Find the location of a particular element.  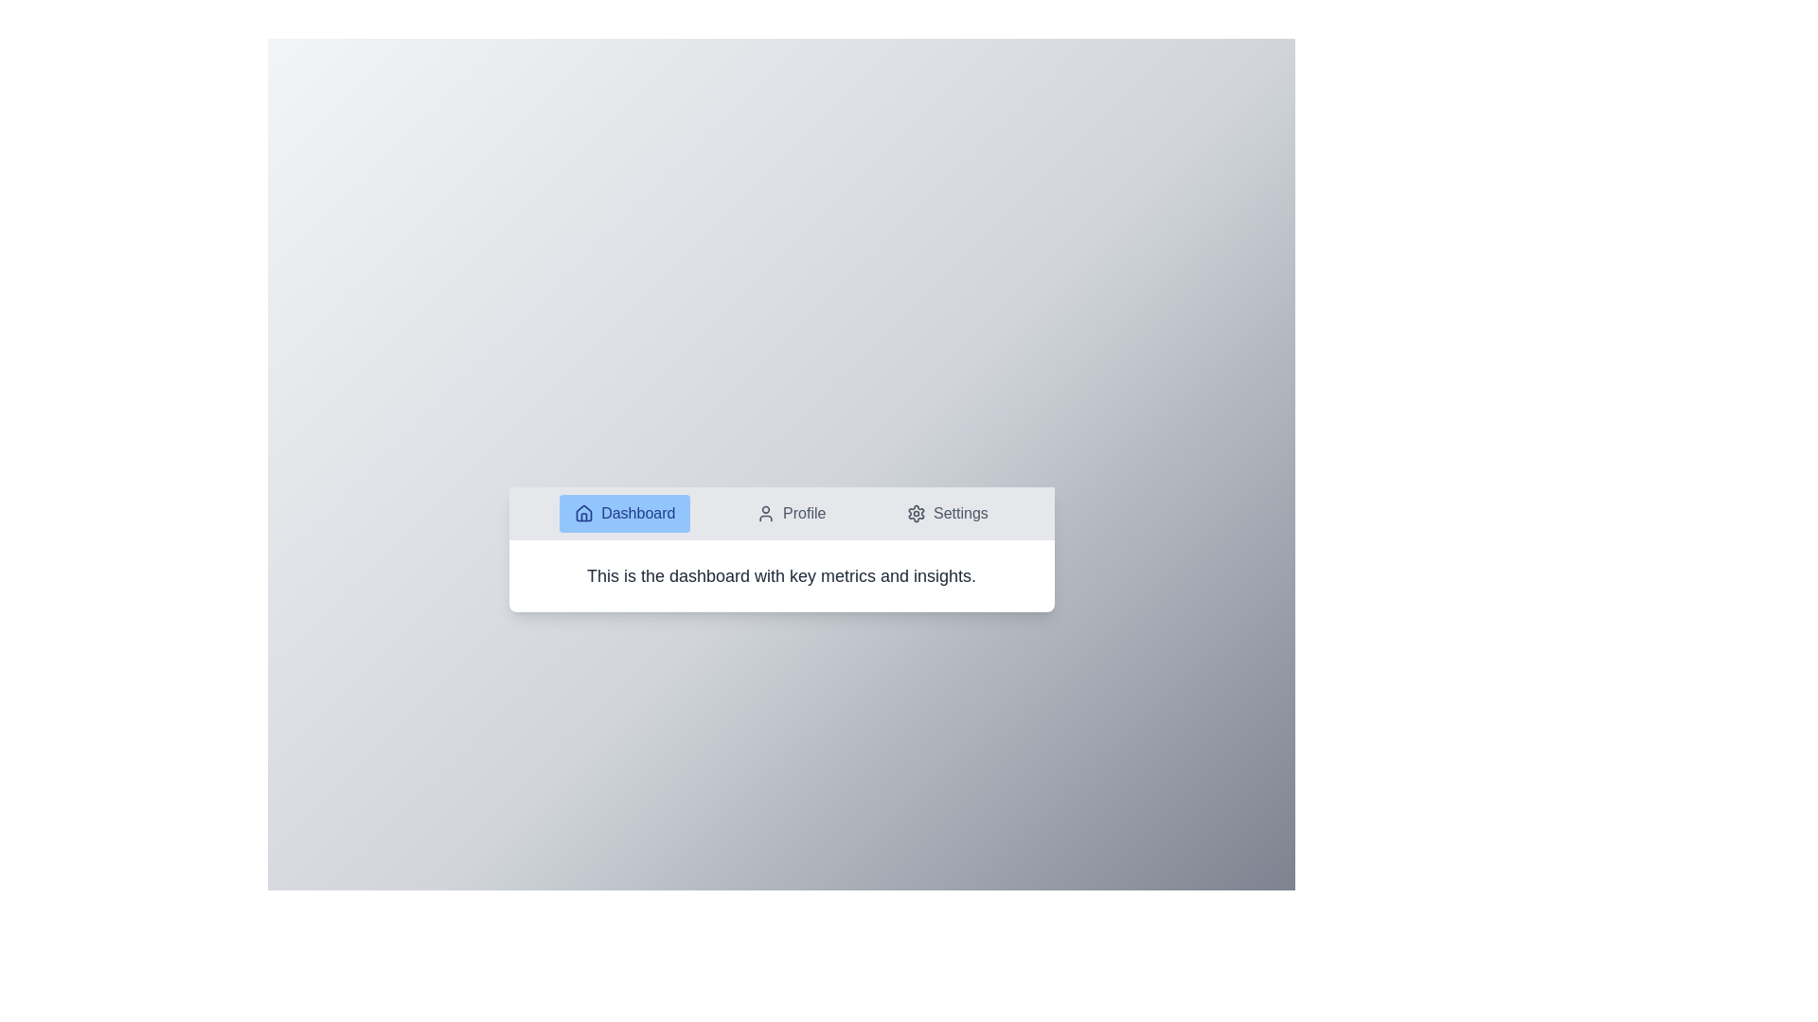

the Profile tab is located at coordinates (791, 514).